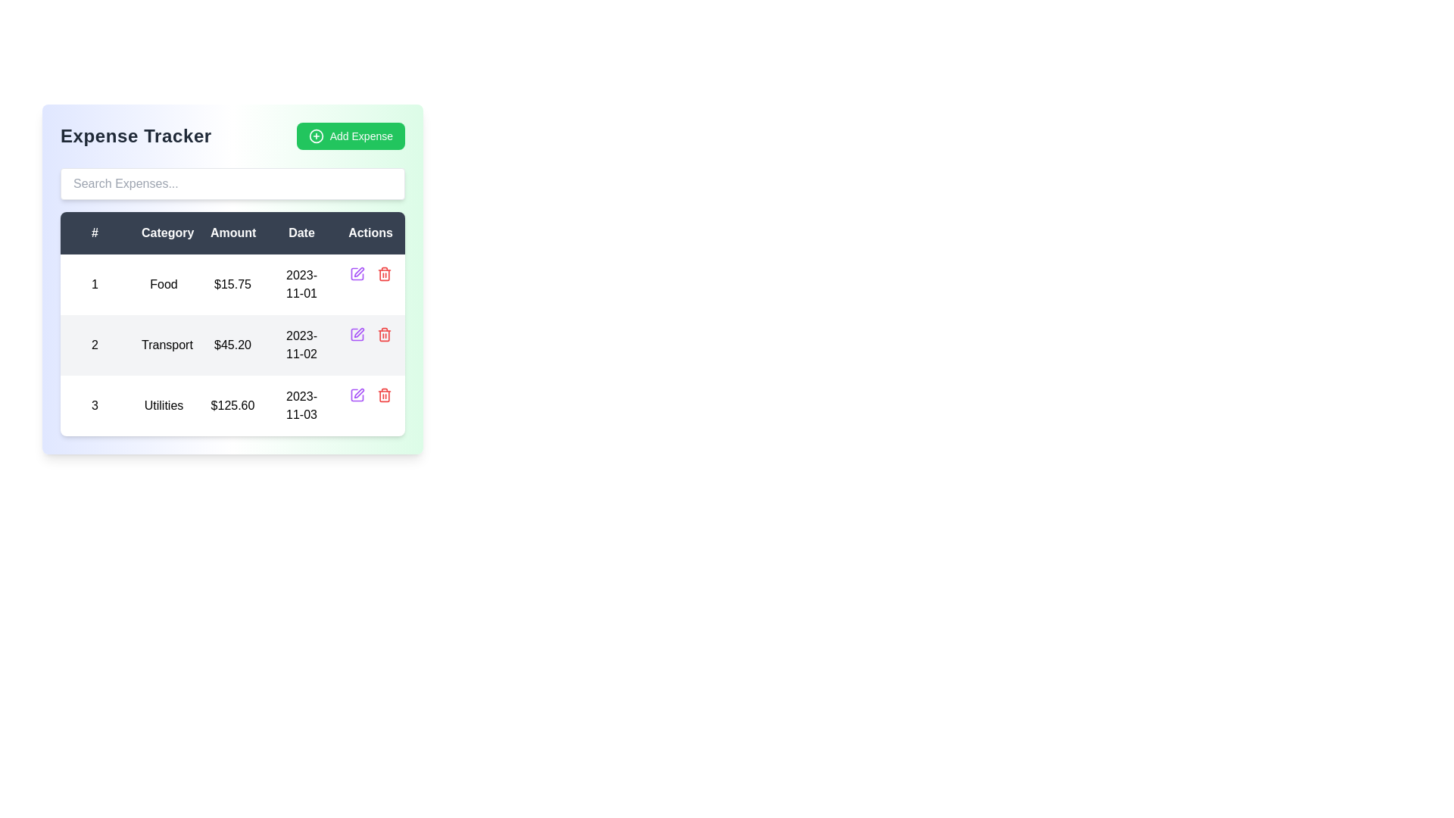 This screenshot has width=1454, height=818. Describe the element at coordinates (358, 392) in the screenshot. I see `the pen icon button located in the 'Actions' column for the 'Transport' expense entry dated '2023-11-02' to potentially reveal a tooltip` at that location.